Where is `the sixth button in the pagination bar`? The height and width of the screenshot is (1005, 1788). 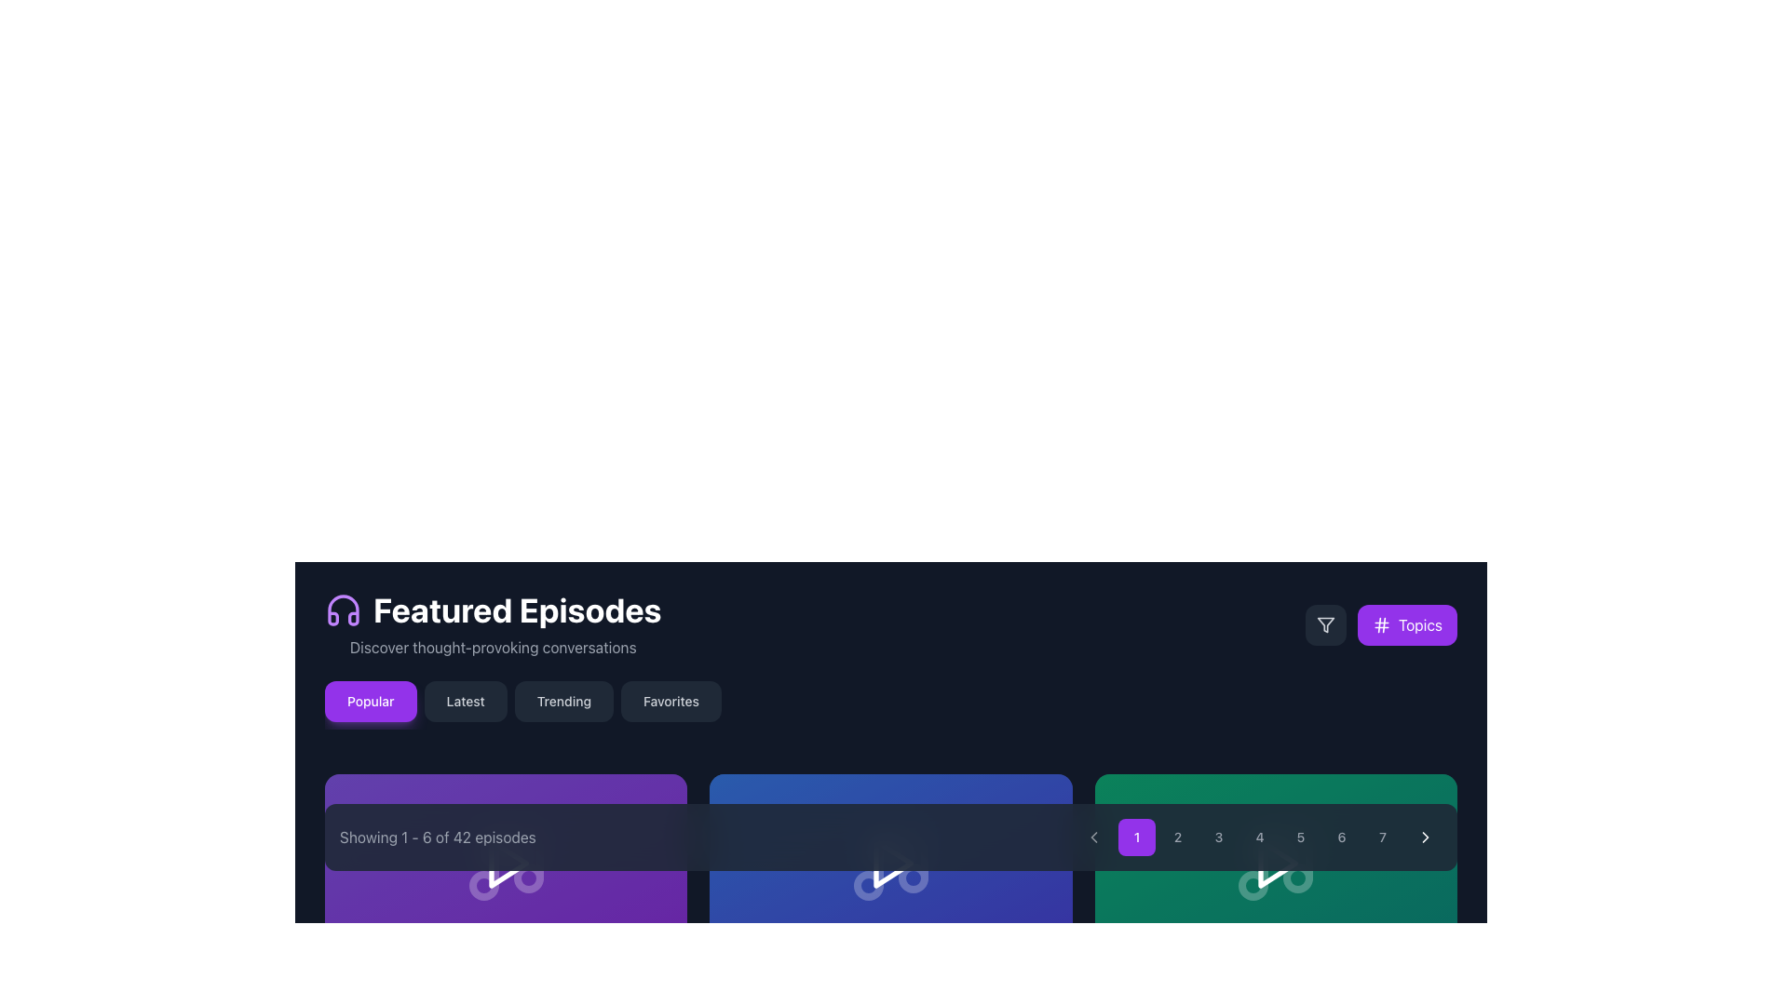 the sixth button in the pagination bar is located at coordinates (1341, 836).